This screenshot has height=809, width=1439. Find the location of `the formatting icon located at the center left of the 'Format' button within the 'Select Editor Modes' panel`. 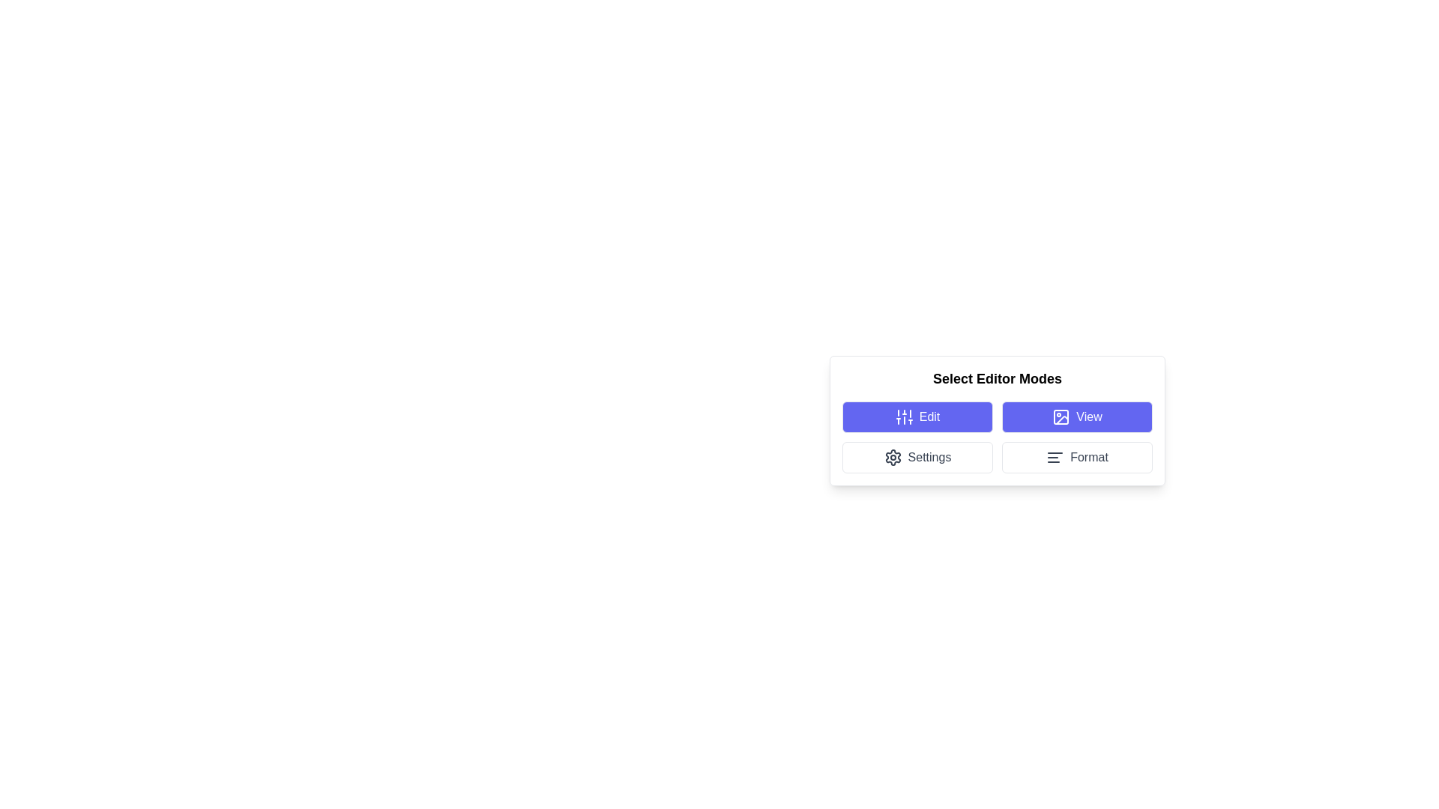

the formatting icon located at the center left of the 'Format' button within the 'Select Editor Modes' panel is located at coordinates (1055, 456).